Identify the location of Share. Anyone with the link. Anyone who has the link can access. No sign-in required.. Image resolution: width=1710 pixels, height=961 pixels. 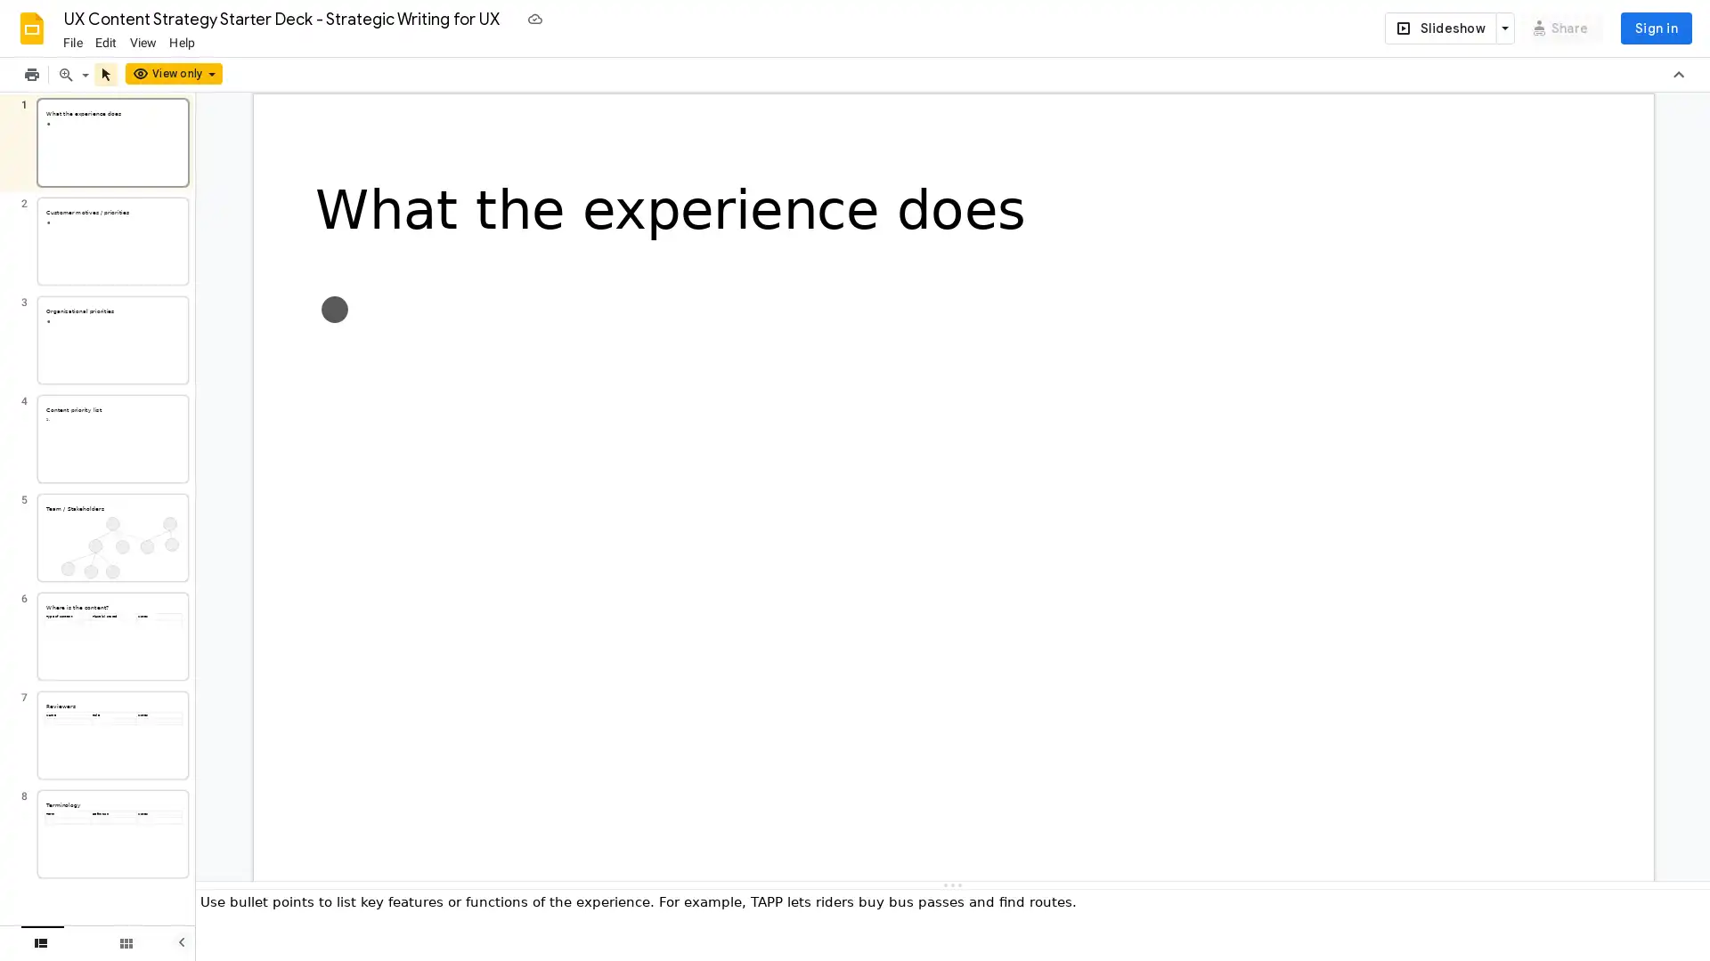
(1560, 28).